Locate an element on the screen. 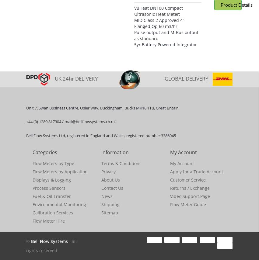 Image resolution: width=259 pixels, height=260 pixels. 'Calibration Services' is located at coordinates (32, 212).